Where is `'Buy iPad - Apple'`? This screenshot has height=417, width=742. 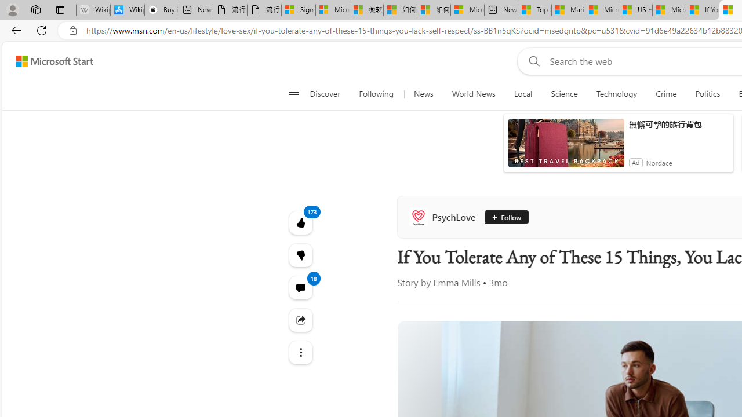
'Buy iPad - Apple' is located at coordinates (161, 10).